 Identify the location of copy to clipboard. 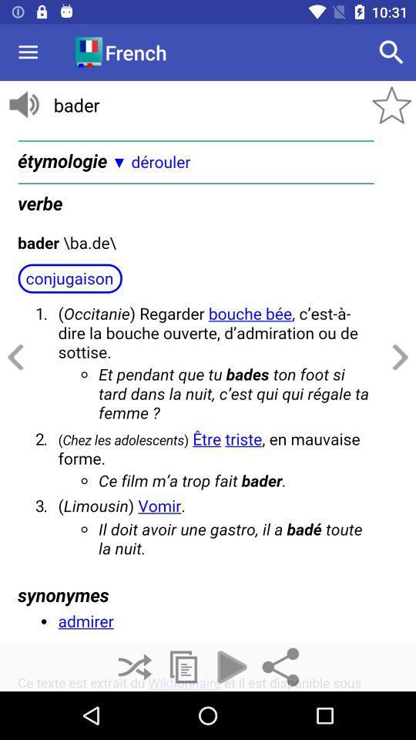
(183, 666).